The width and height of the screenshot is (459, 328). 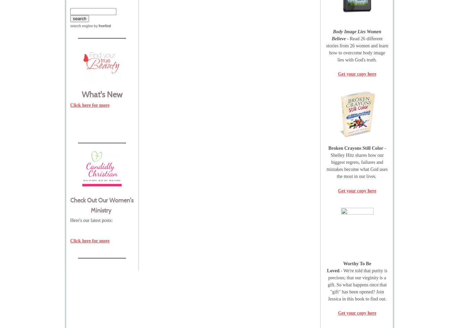 I want to click on '- Read 26 different stories from 26 women and learn how to overcome body image lies with God's truth.', so click(x=357, y=49).